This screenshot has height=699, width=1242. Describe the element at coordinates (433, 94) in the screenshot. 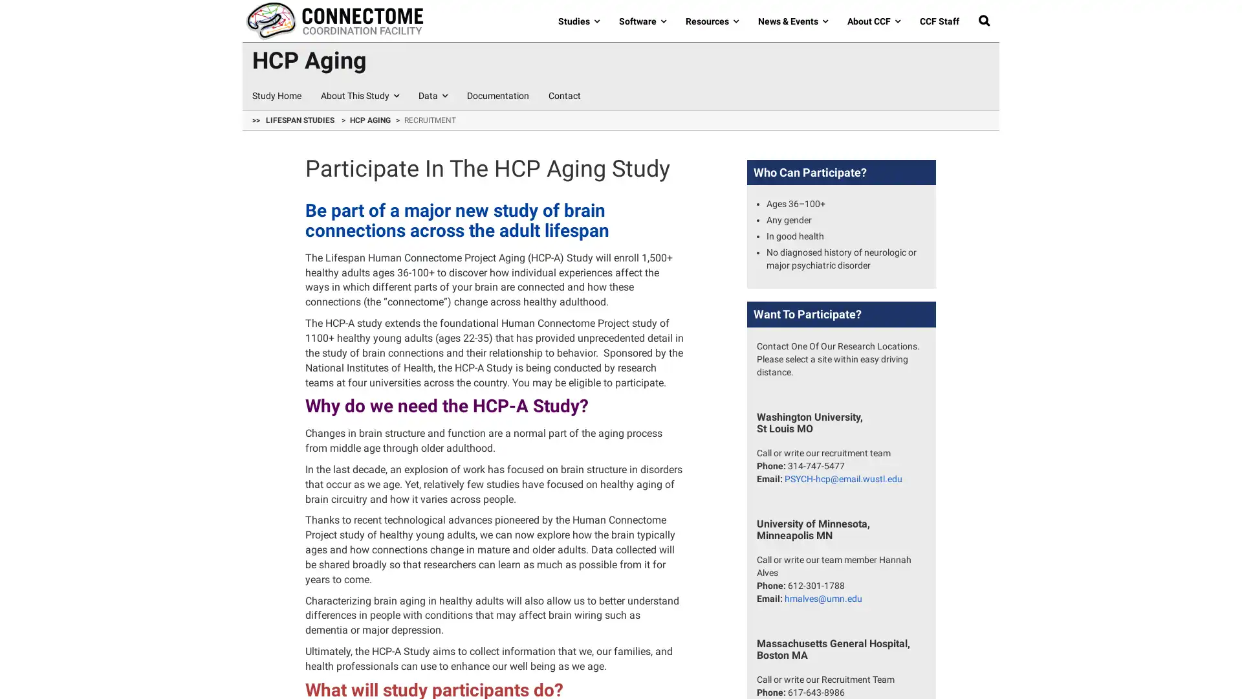

I see `Data` at that location.